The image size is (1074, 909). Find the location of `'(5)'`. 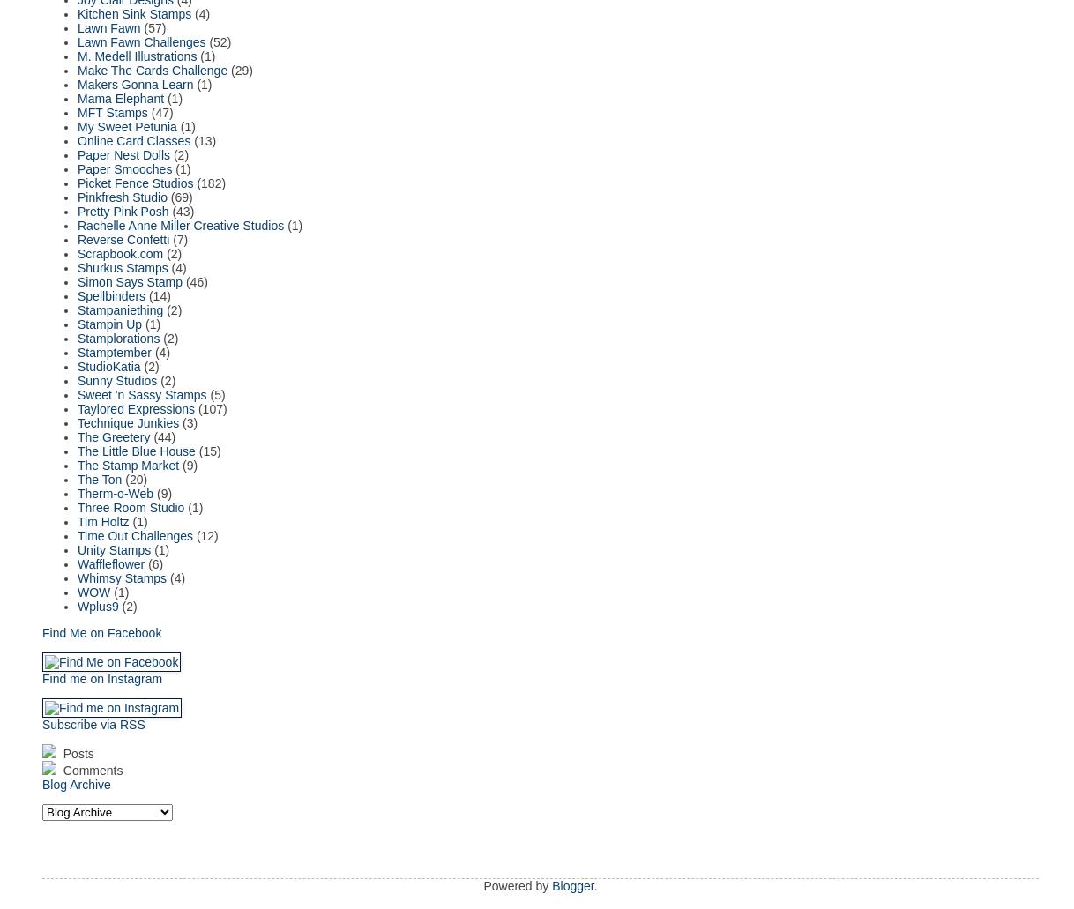

'(5)' is located at coordinates (216, 394).